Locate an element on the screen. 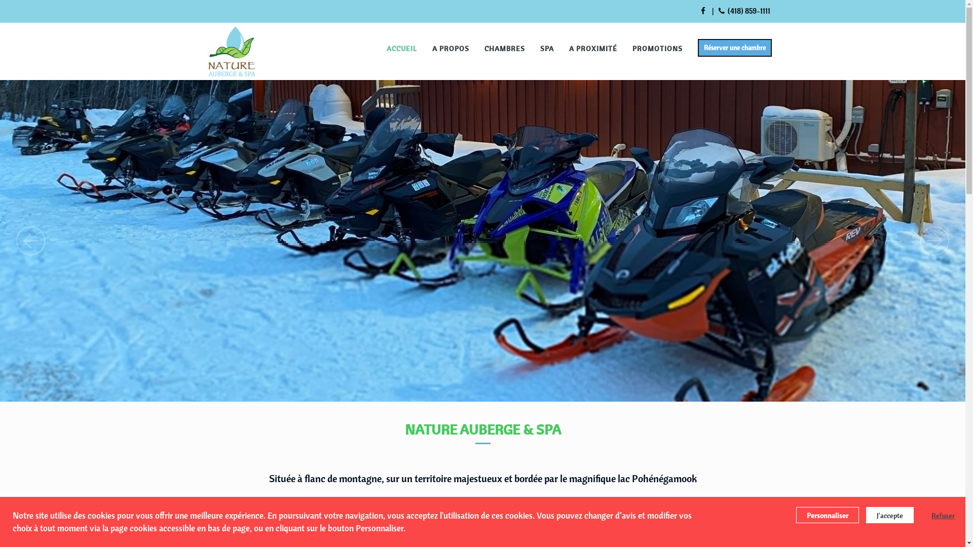  '  (418) 859-1111' is located at coordinates (744, 11).